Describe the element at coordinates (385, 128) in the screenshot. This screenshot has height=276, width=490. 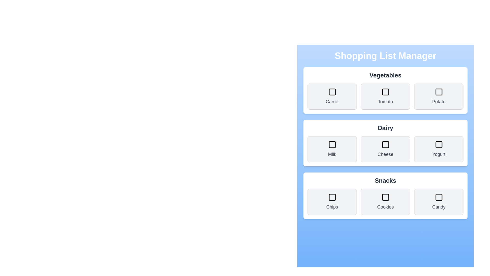
I see `the category title of the section Dairy` at that location.